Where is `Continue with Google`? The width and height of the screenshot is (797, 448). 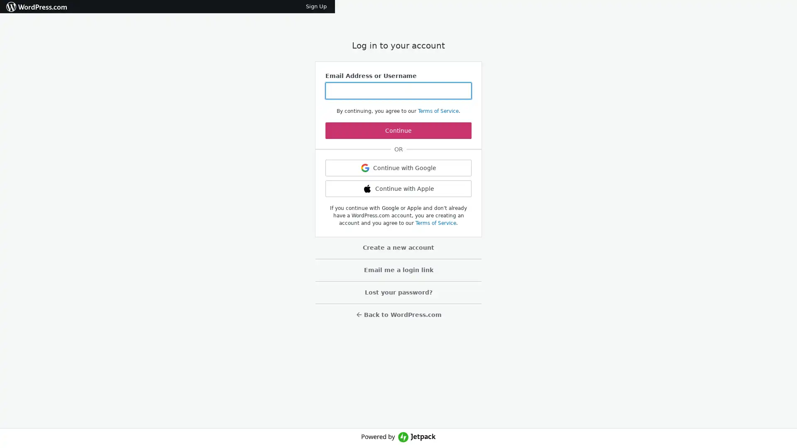
Continue with Google is located at coordinates (398, 168).